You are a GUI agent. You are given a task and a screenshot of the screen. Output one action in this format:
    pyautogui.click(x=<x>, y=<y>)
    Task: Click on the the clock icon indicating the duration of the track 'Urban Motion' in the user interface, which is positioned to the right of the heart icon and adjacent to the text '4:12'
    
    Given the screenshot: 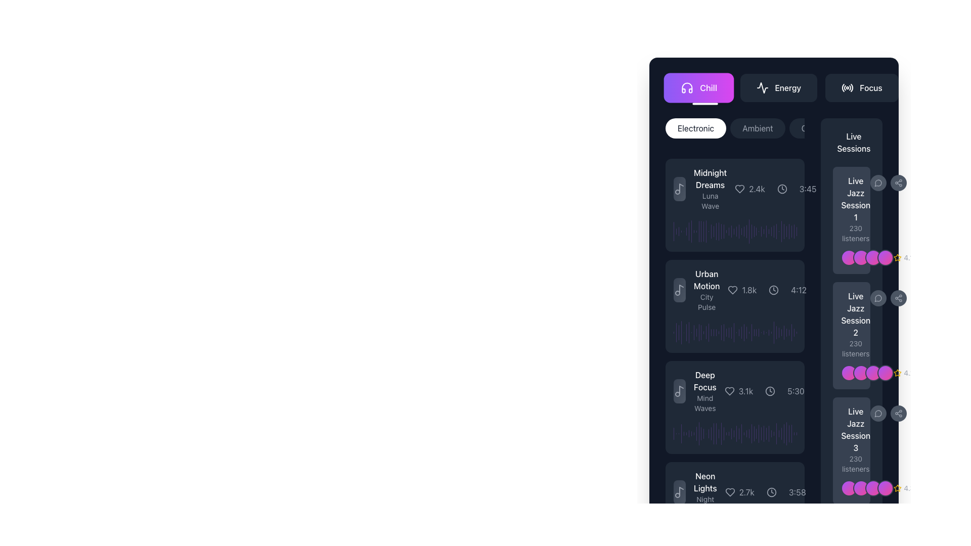 What is the action you would take?
    pyautogui.click(x=773, y=290)
    